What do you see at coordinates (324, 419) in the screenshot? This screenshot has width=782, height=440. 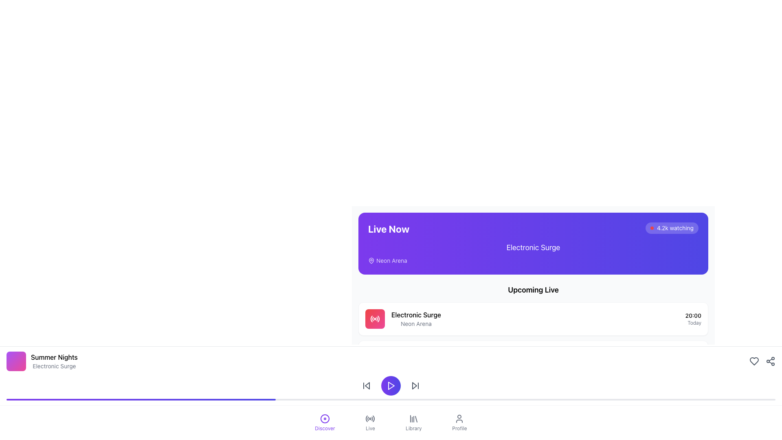 I see `the circular graphic shape that is part of the 'Discover' icon in the bottom navigation bar` at bounding box center [324, 419].